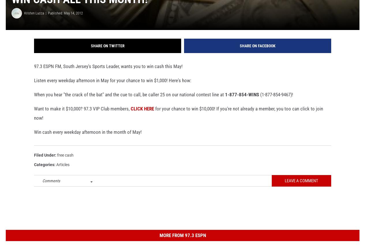 The image size is (371, 246). I want to click on 'When you hear "the crack of the bat" and the cue to call, be caller 25 on our national contest line at', so click(129, 103).